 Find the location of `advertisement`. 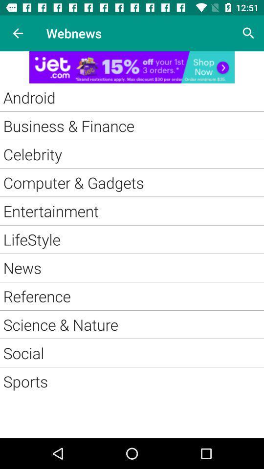

advertisement is located at coordinates (132, 66).